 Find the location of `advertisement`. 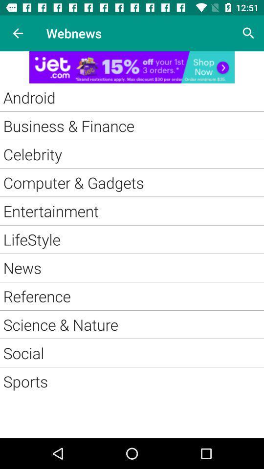

advertisement is located at coordinates (132, 66).